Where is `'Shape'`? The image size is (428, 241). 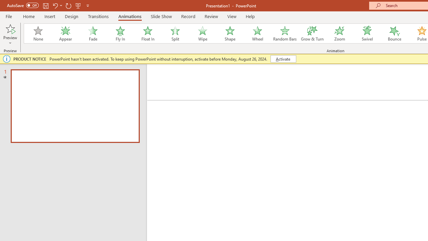 'Shape' is located at coordinates (230, 33).